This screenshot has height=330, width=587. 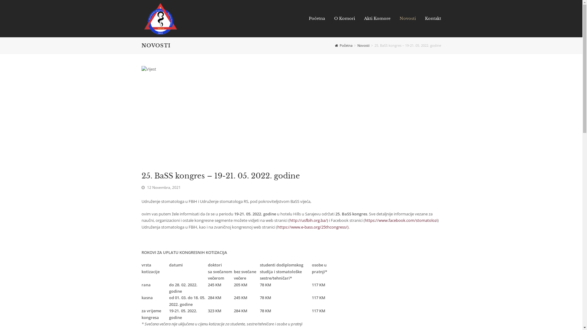 I want to click on 'Novosti', so click(x=408, y=18).